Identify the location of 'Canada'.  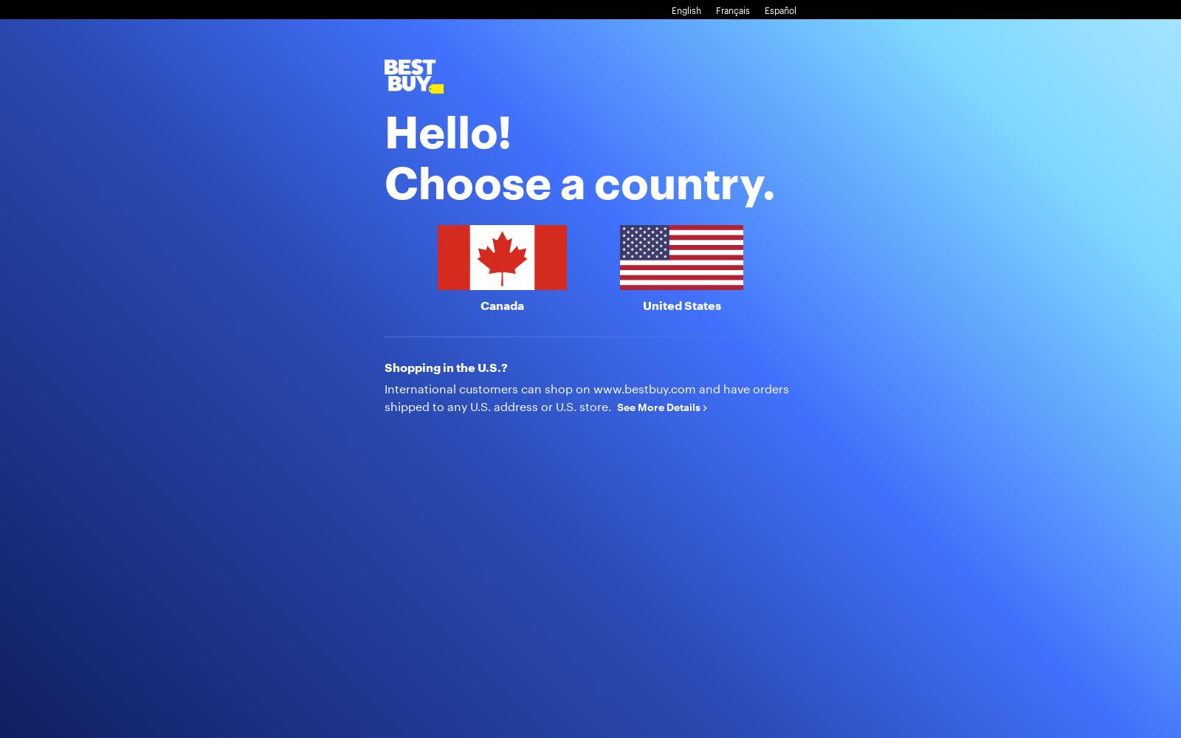
(479, 304).